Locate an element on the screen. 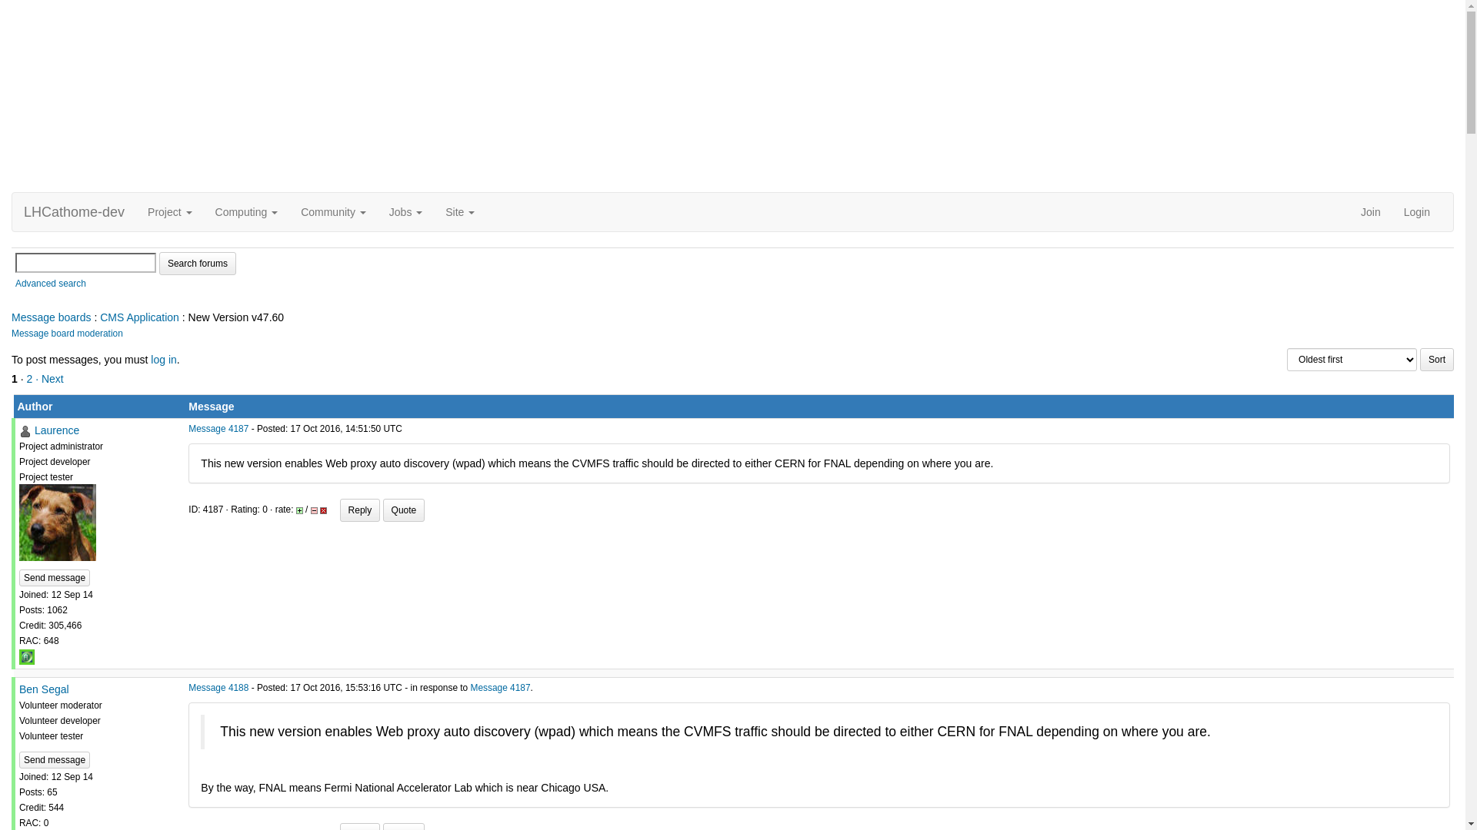 Image resolution: width=1477 pixels, height=830 pixels. 'Message boards' is located at coordinates (11, 316).